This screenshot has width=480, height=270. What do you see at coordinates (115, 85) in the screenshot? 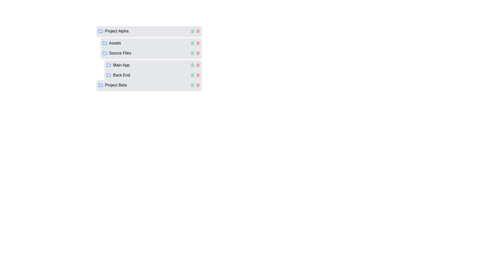
I see `the static text label identifying the project folder named 'Project Beta'` at bounding box center [115, 85].